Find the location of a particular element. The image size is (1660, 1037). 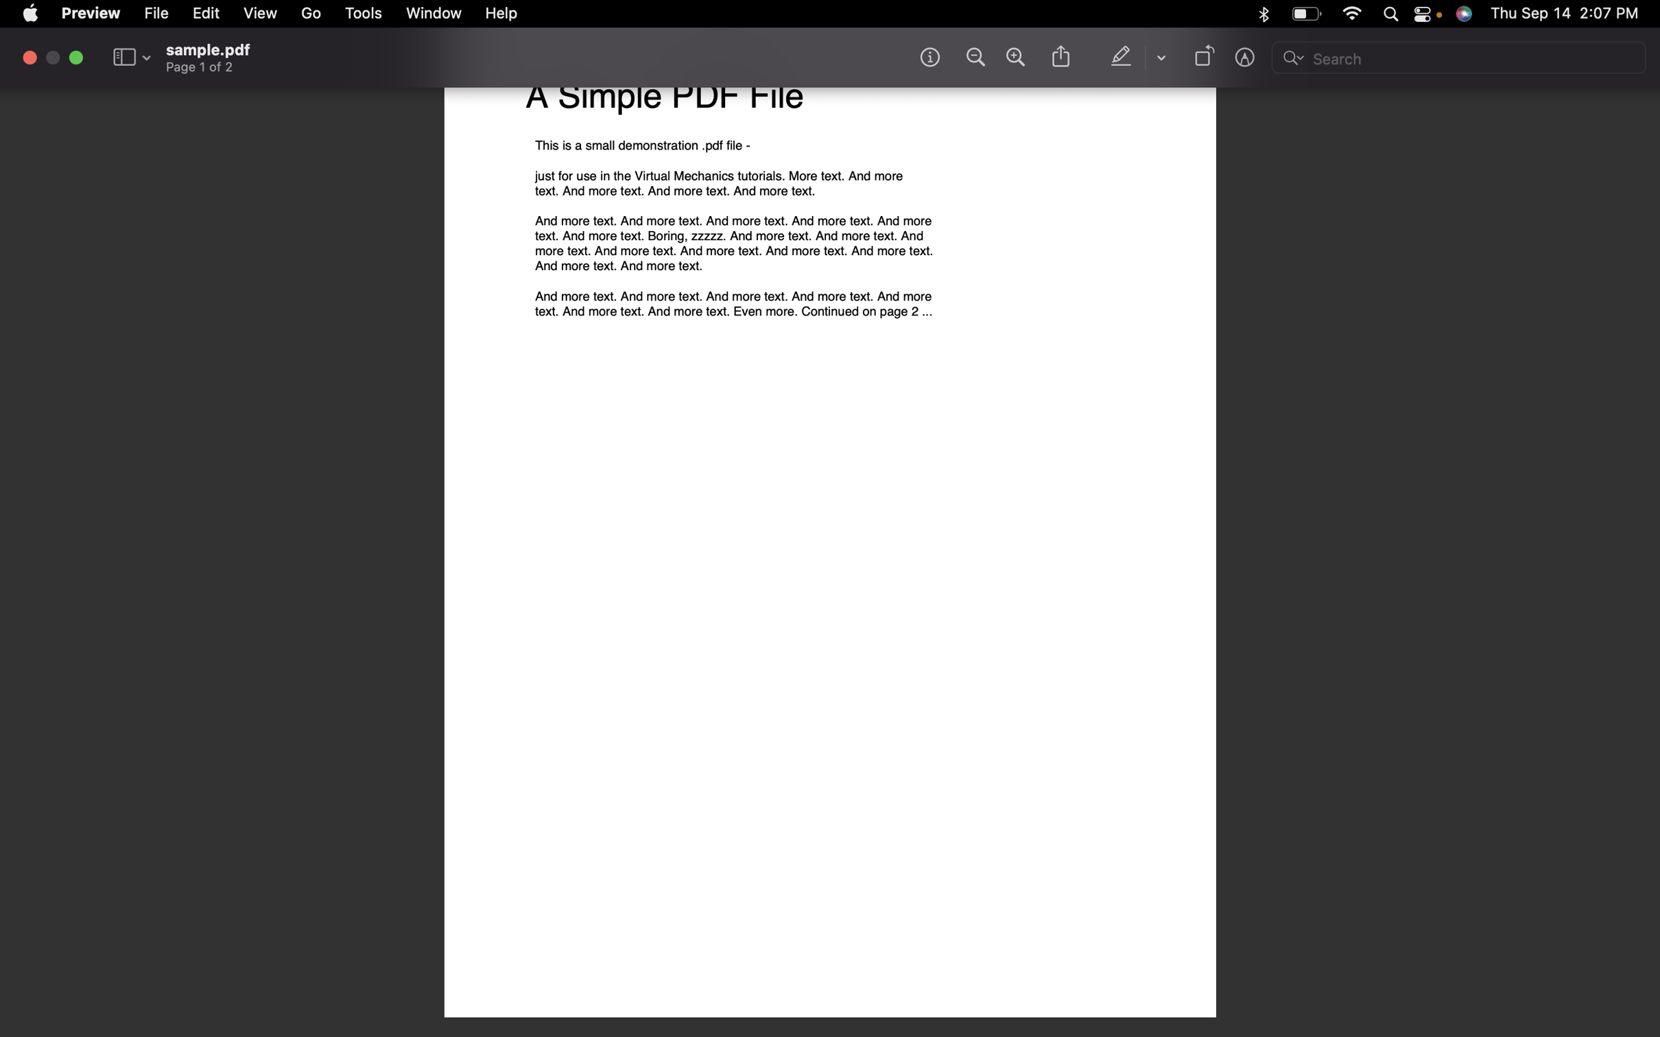

Fetch the file"s details is located at coordinates (929, 56).